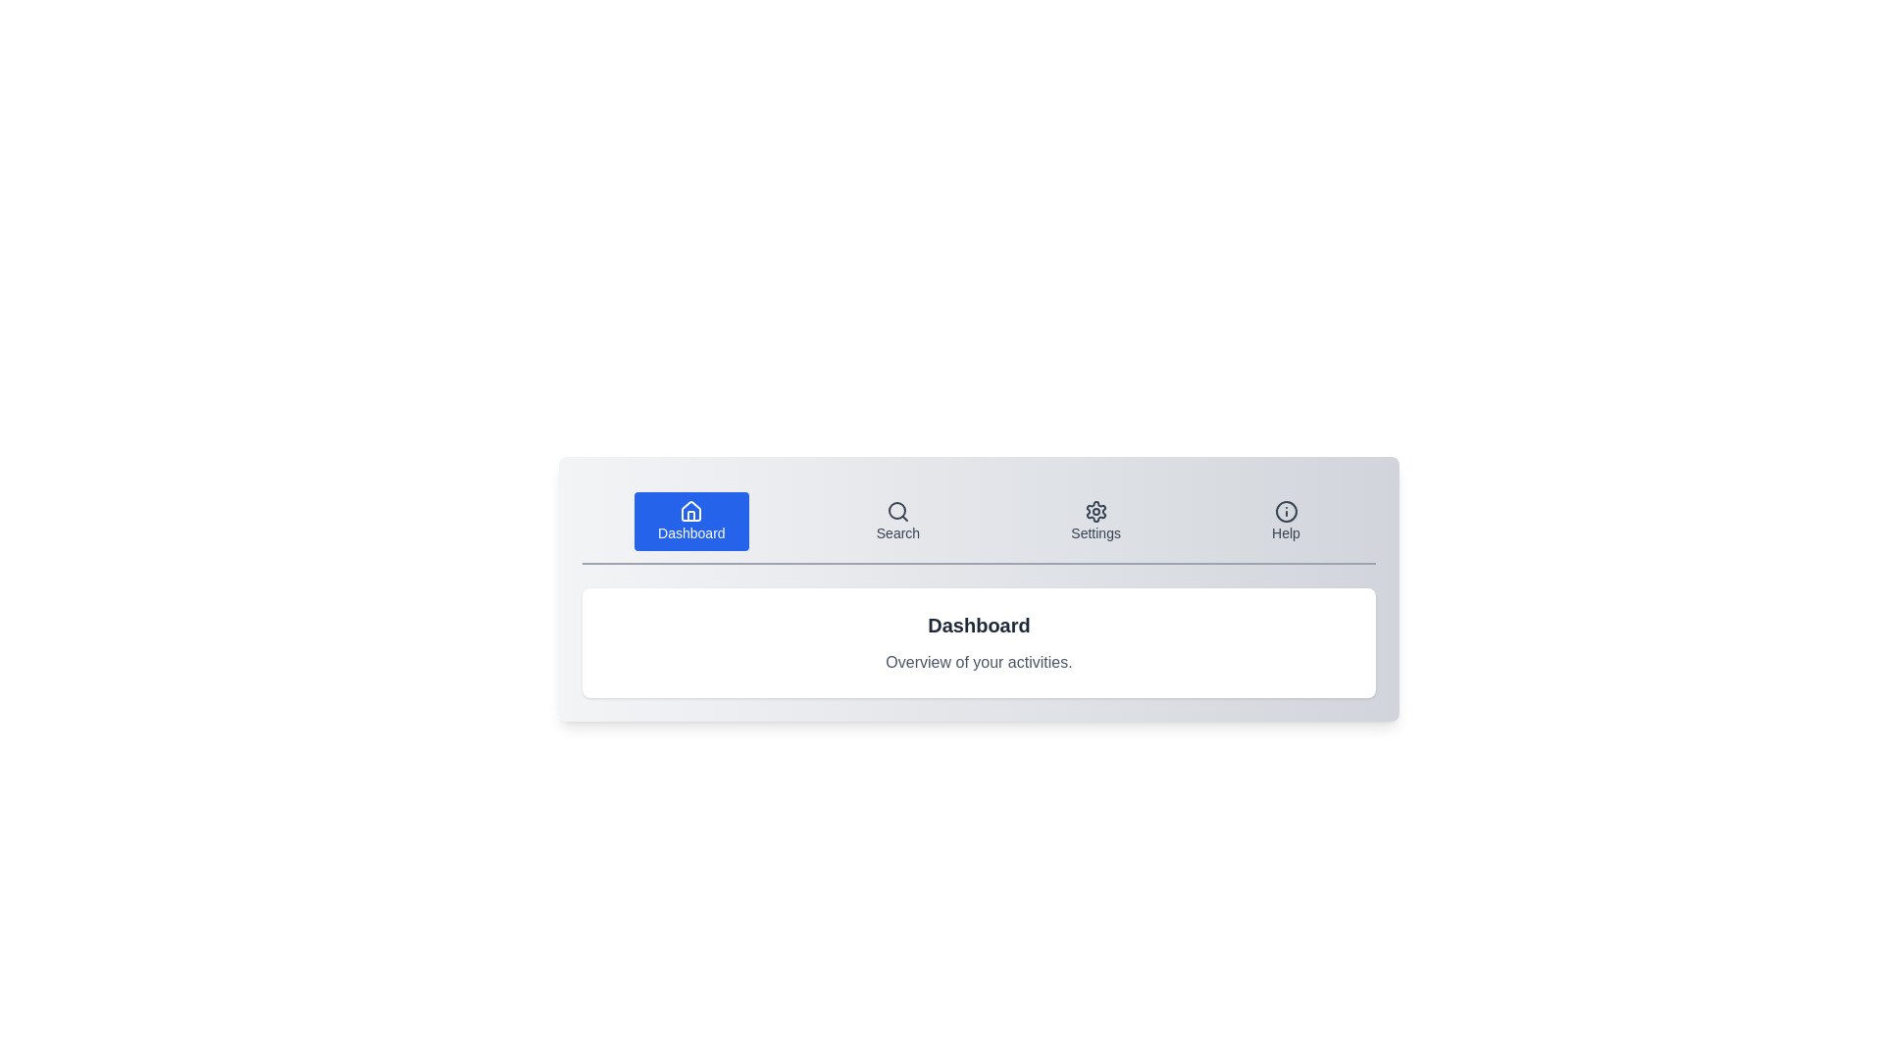 This screenshot has height=1059, width=1883. Describe the element at coordinates (897, 521) in the screenshot. I see `the Search tab by clicking its corresponding button` at that location.